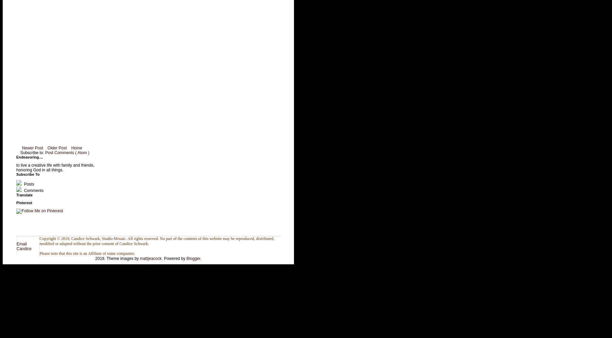  Describe the element at coordinates (23, 184) in the screenshot. I see `'Posts'` at that location.